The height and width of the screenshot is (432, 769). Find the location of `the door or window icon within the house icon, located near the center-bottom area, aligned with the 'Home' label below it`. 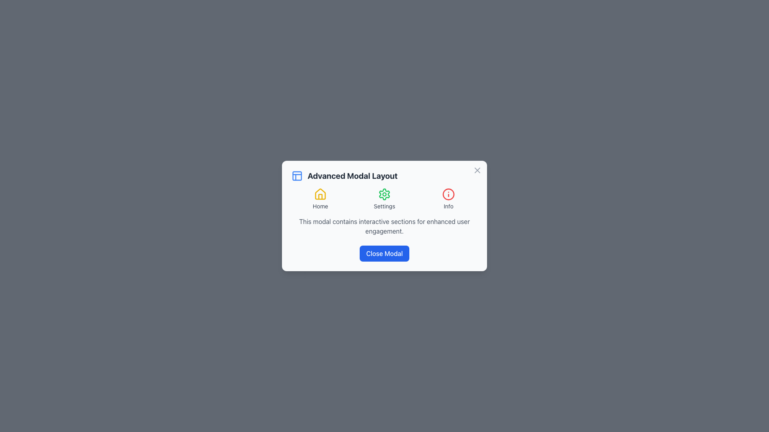

the door or window icon within the house icon, located near the center-bottom area, aligned with the 'Home' label below it is located at coordinates (320, 197).